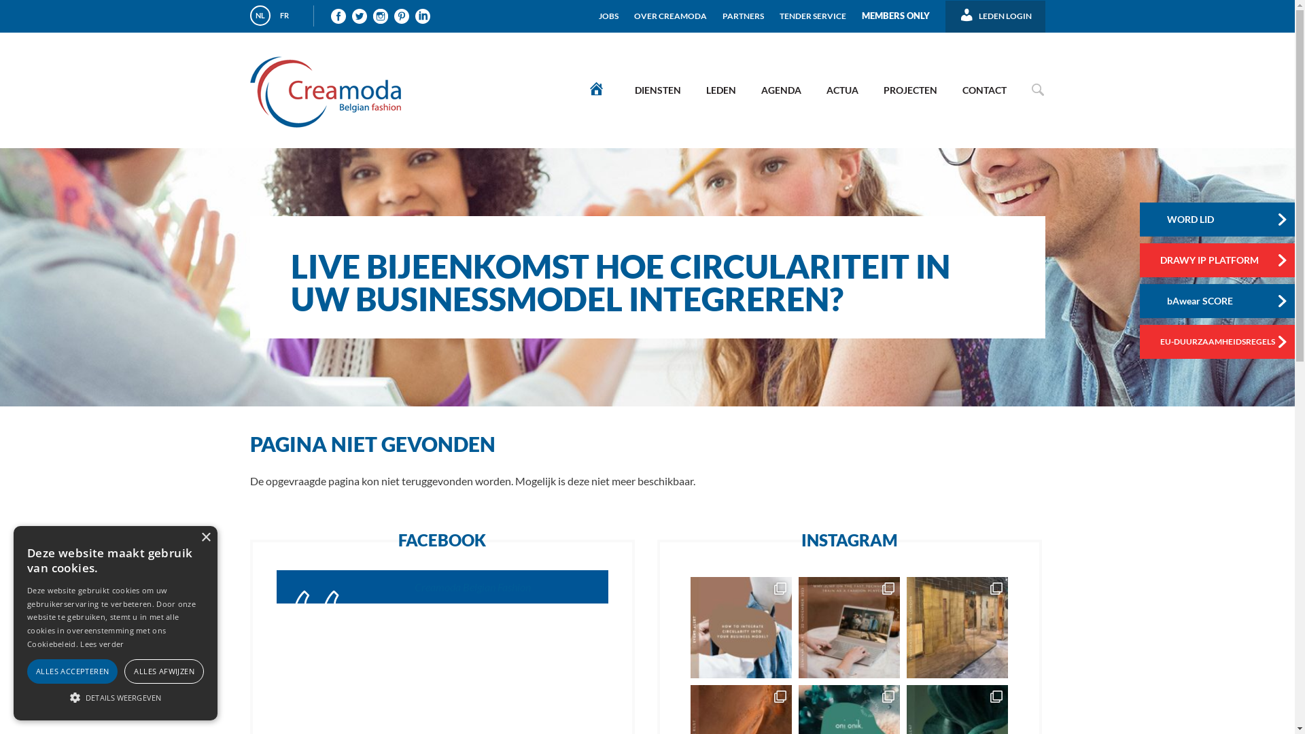  I want to click on 'AGENDA', so click(780, 90).